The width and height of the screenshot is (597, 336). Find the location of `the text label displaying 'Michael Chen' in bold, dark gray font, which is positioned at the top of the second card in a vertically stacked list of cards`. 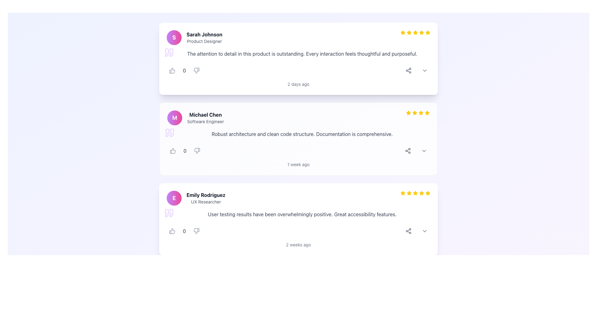

the text label displaying 'Michael Chen' in bold, dark gray font, which is positioned at the top of the second card in a vertically stacked list of cards is located at coordinates (206, 115).